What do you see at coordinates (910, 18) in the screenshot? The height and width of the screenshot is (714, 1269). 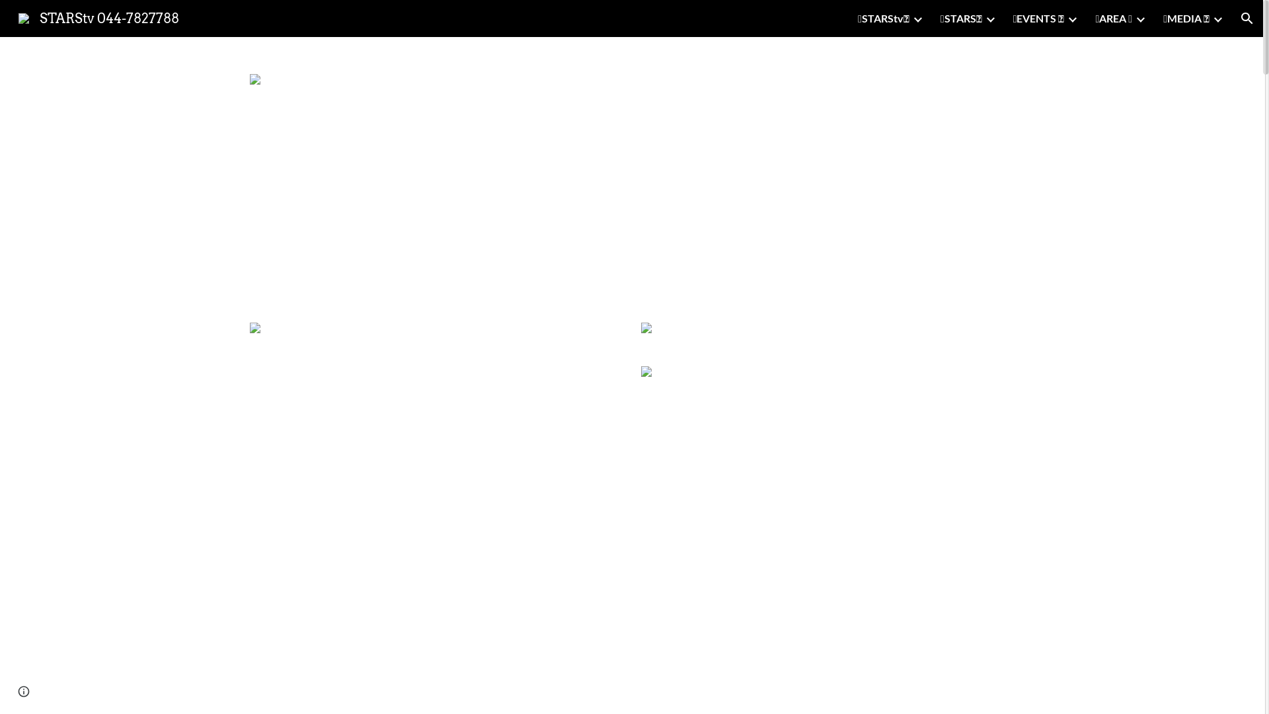 I see `'Expand/Collapse'` at bounding box center [910, 18].